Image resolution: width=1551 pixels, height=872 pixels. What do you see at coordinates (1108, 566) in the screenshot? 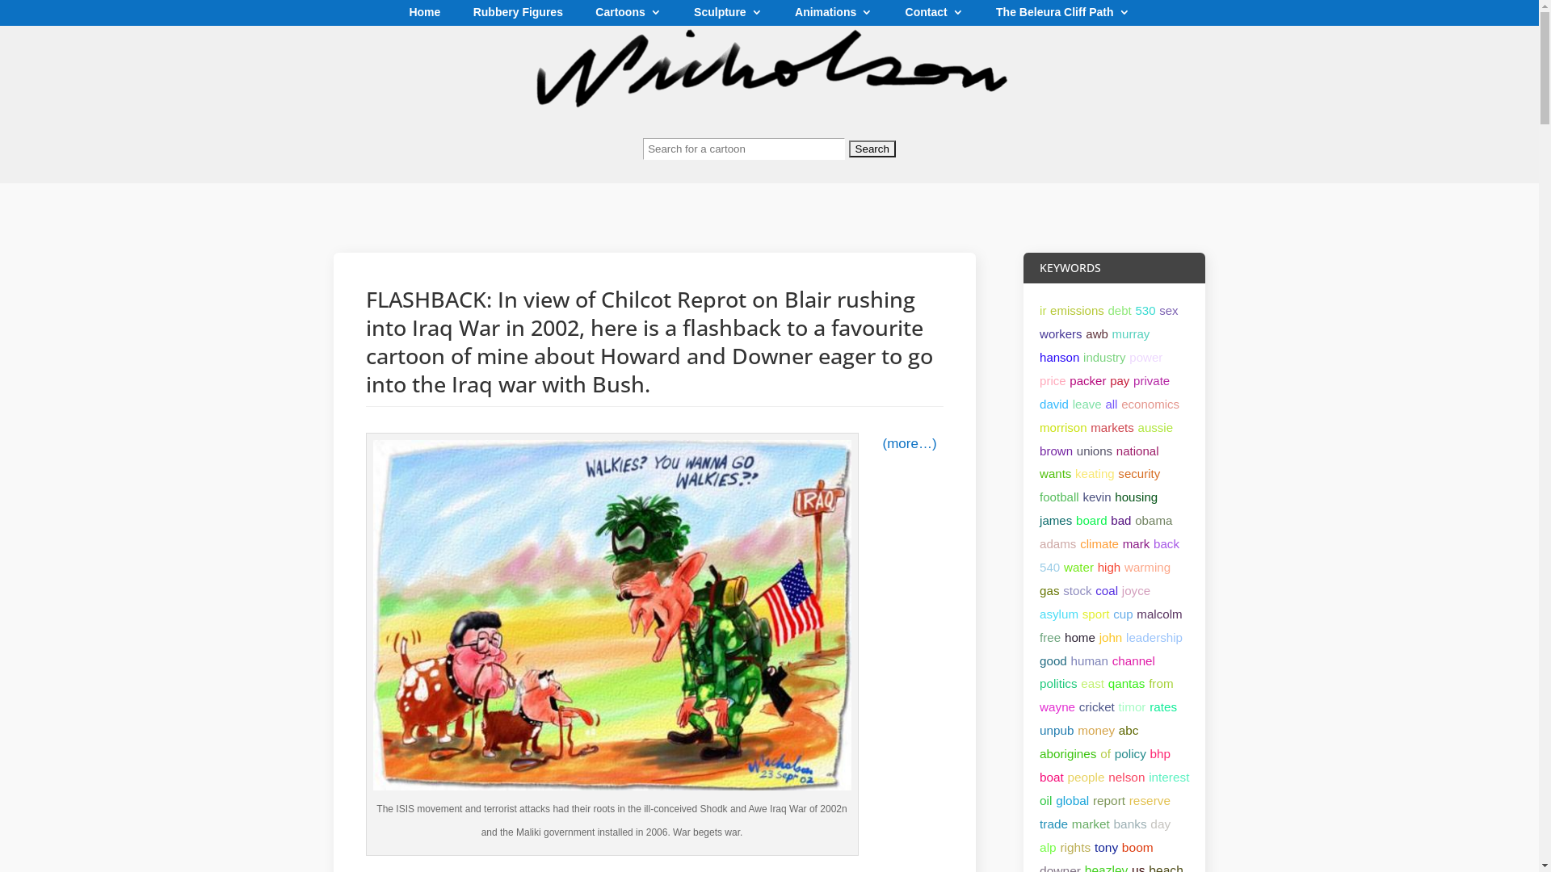
I see `'high'` at bounding box center [1108, 566].